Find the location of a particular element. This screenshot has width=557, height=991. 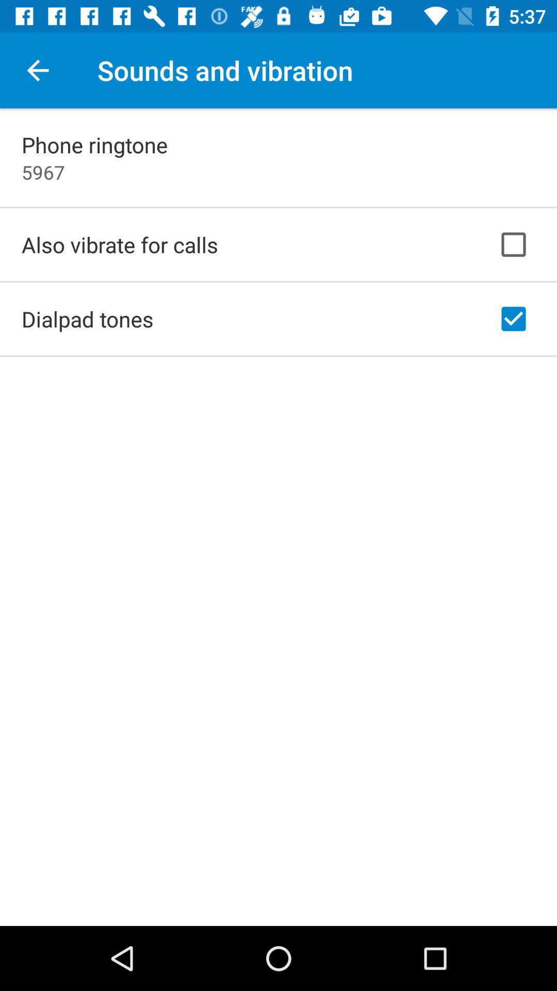

the 5967 item is located at coordinates (43, 172).